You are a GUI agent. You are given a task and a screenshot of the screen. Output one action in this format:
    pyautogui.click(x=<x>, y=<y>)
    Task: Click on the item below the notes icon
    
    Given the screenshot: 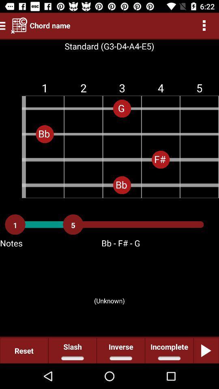 What is the action you would take?
    pyautogui.click(x=109, y=289)
    